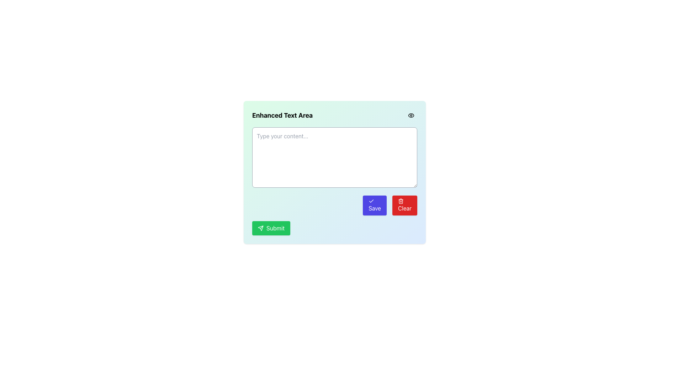 This screenshot has width=683, height=384. What do you see at coordinates (260, 228) in the screenshot?
I see `the paper plane icon located within the green 'Submit' button at the bottom left of the interface` at bounding box center [260, 228].